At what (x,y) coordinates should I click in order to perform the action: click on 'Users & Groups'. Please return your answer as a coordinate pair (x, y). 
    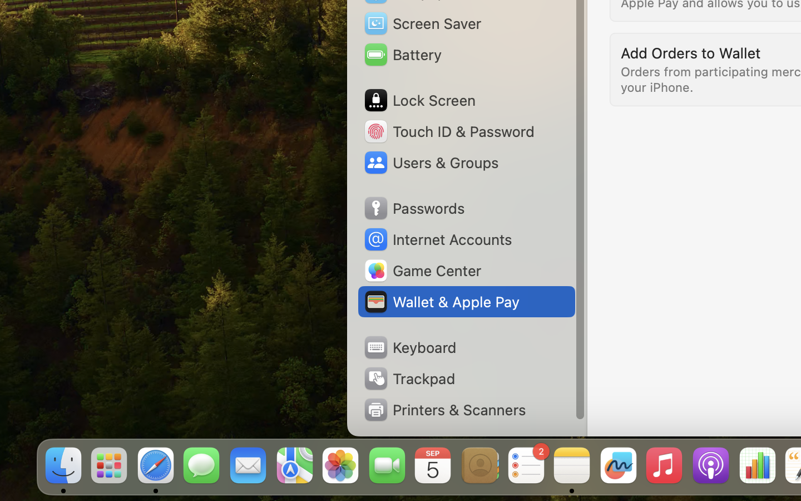
    Looking at the image, I should click on (430, 161).